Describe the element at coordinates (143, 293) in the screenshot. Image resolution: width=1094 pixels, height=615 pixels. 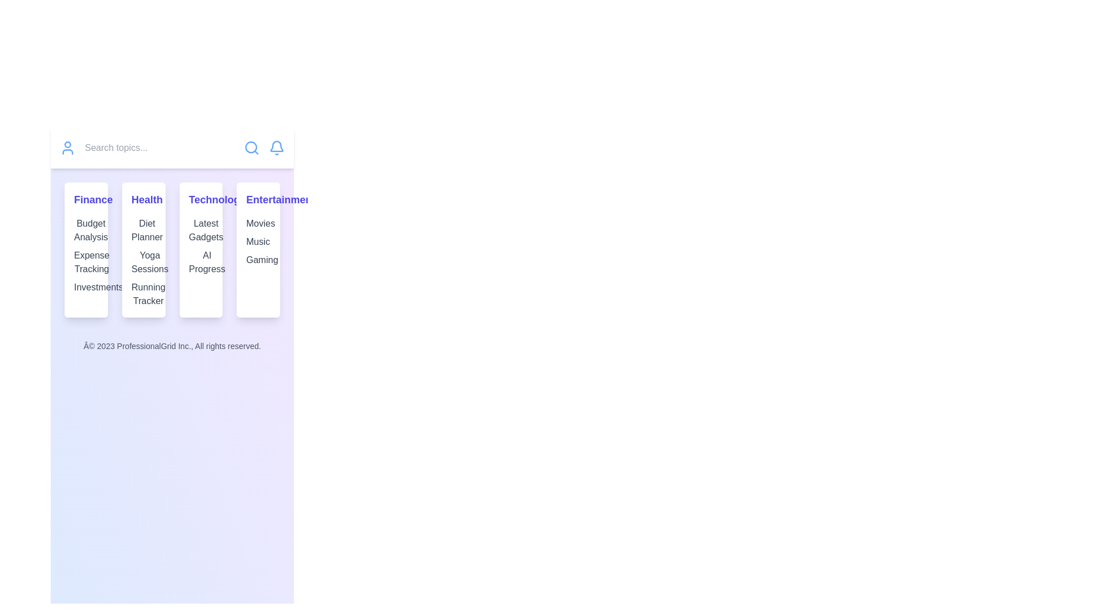
I see `the 'Running Tracker' text label, which is the third item under the 'Health' category, to select this feature` at that location.